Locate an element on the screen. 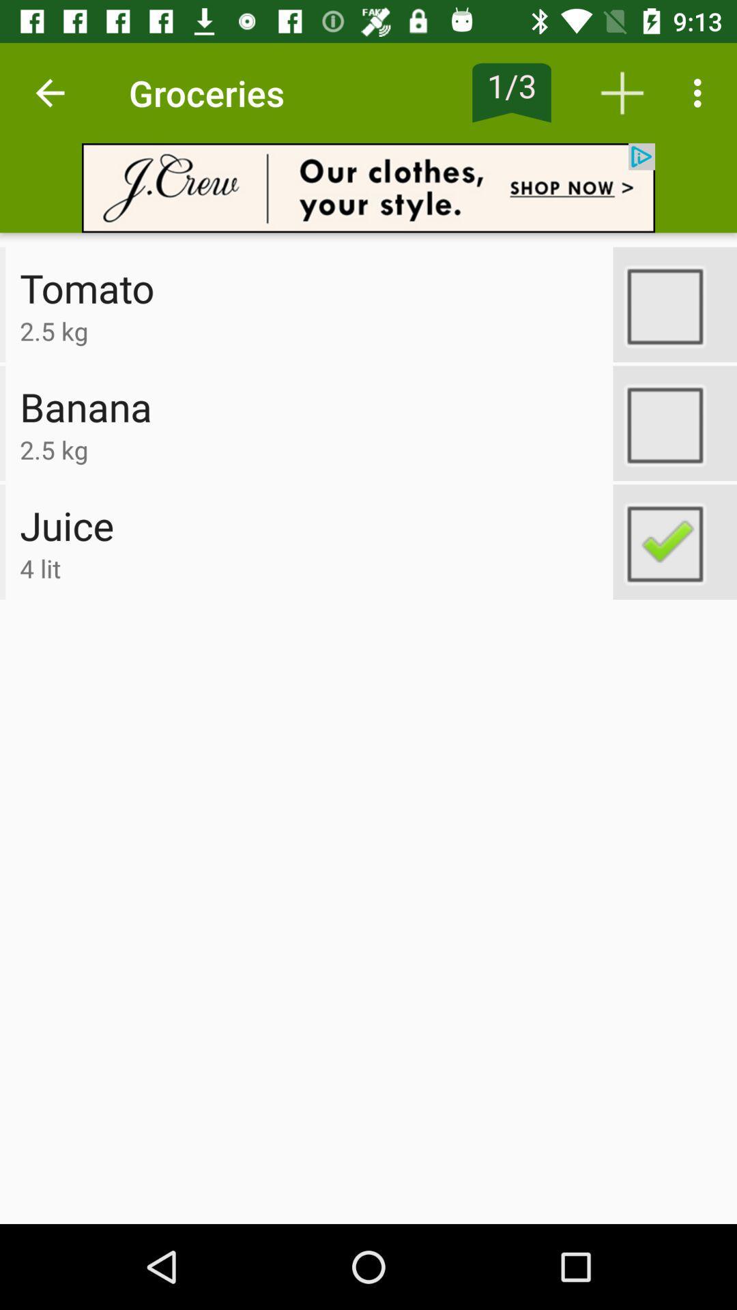 This screenshot has height=1310, width=737. food product is located at coordinates (674, 541).